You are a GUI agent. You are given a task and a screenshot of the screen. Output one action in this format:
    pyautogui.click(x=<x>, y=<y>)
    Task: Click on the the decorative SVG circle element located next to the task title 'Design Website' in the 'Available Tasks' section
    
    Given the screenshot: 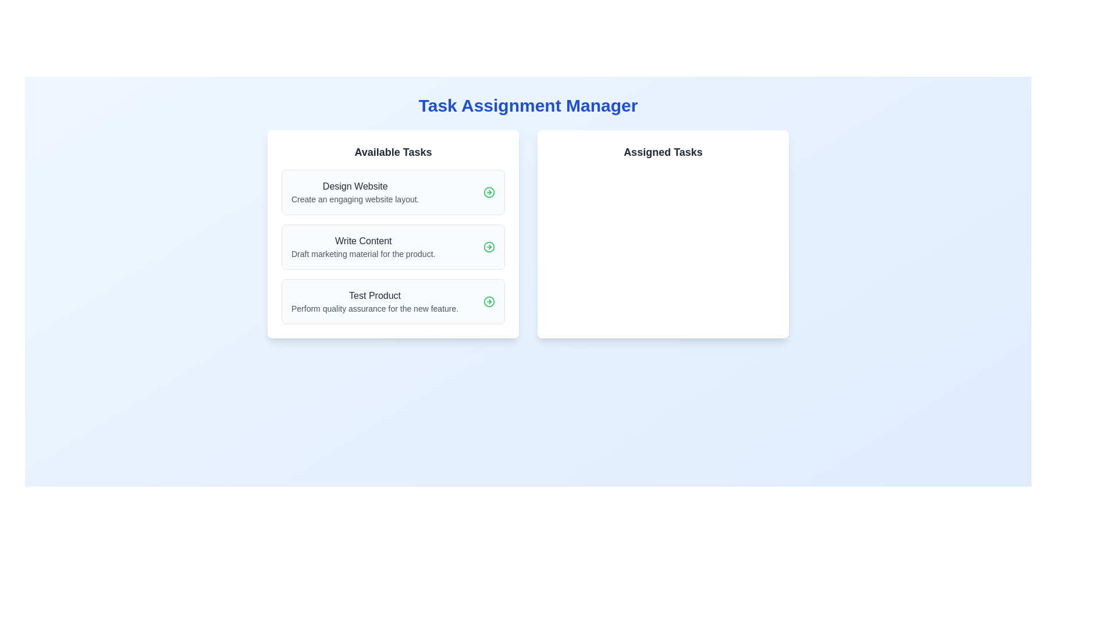 What is the action you would take?
    pyautogui.click(x=489, y=192)
    